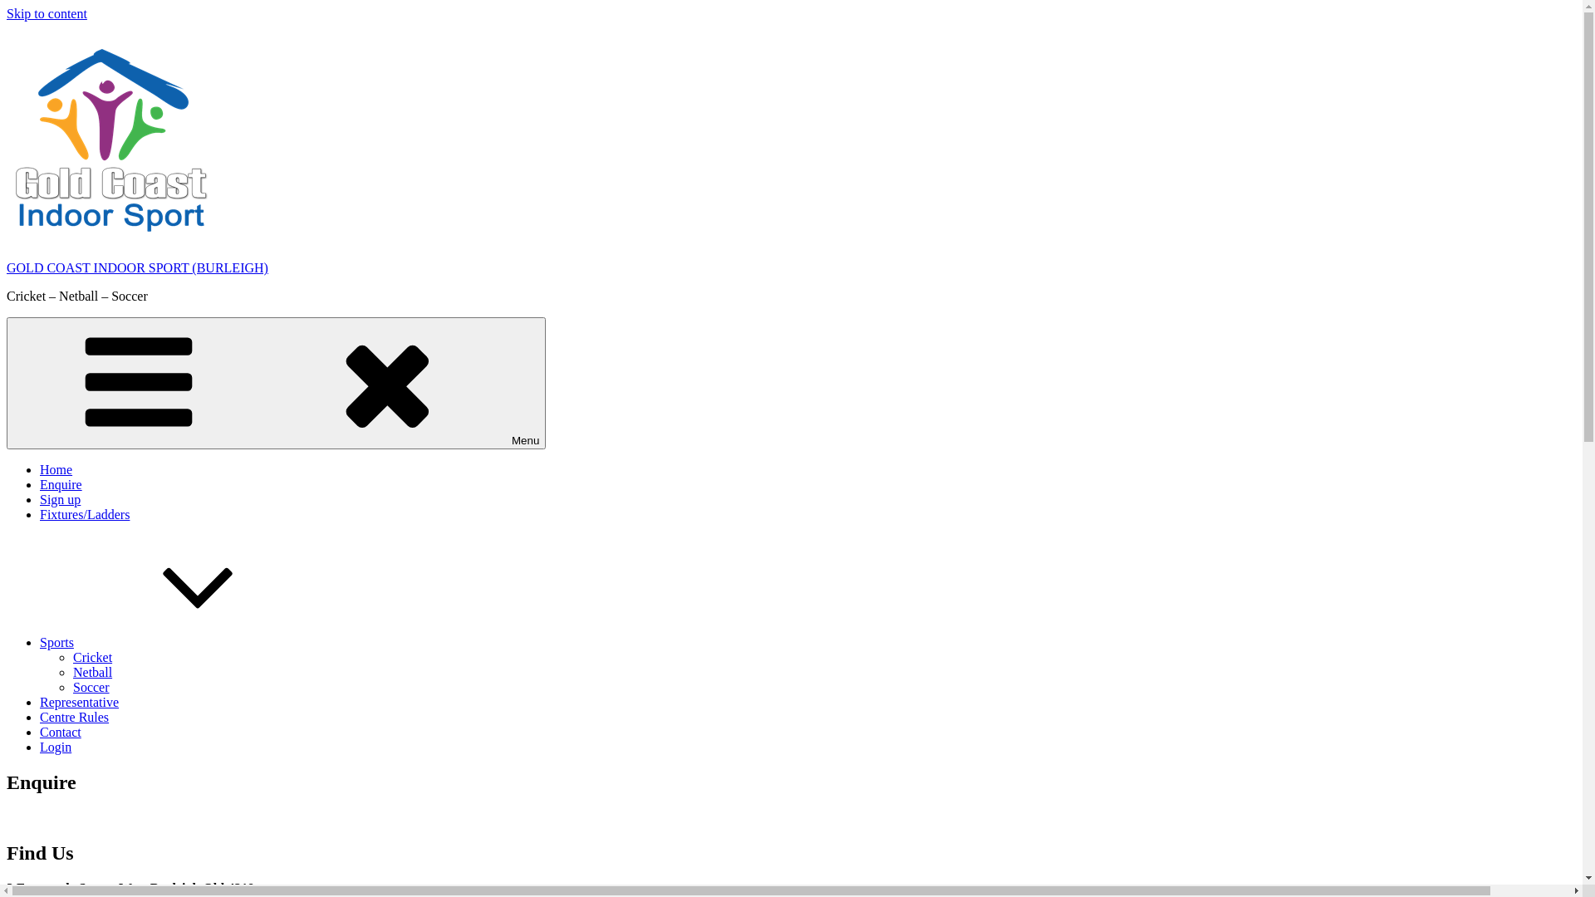 The width and height of the screenshot is (1595, 897). I want to click on 'GOLD COAST INDOOR SPORT (BURLEIGH)', so click(137, 267).